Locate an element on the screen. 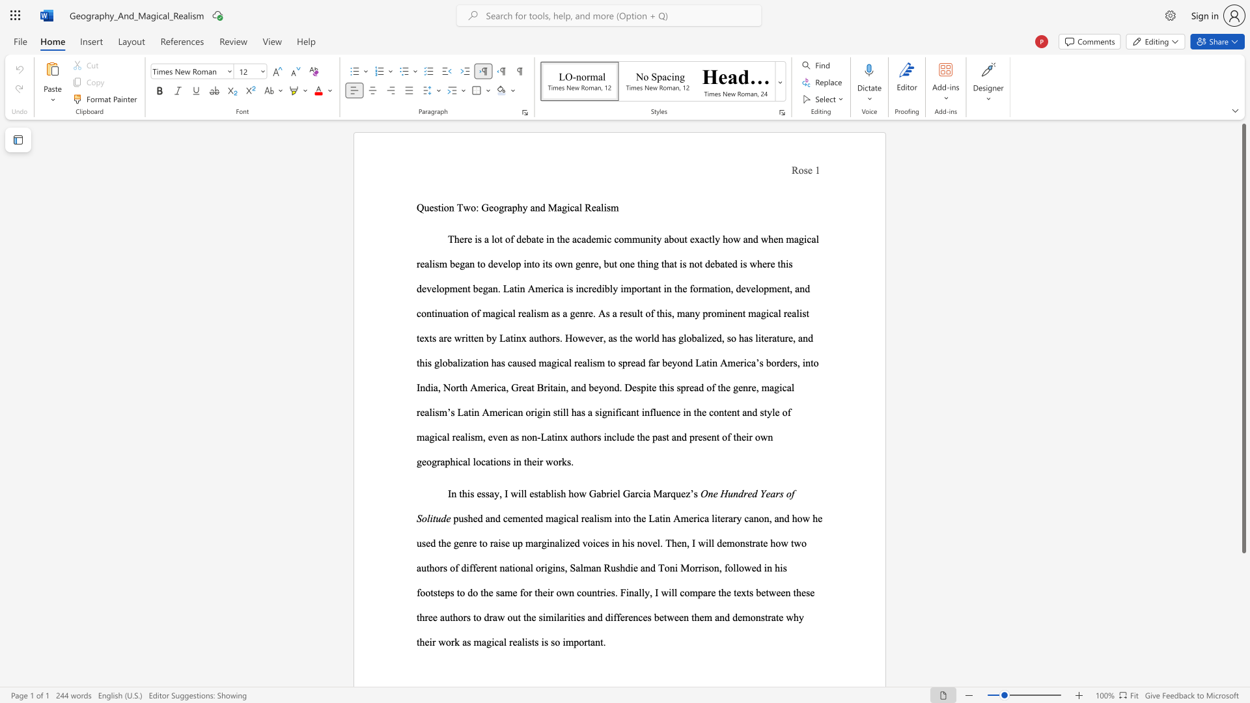 Image resolution: width=1250 pixels, height=703 pixels. the scrollbar to scroll downward is located at coordinates (1243, 663).